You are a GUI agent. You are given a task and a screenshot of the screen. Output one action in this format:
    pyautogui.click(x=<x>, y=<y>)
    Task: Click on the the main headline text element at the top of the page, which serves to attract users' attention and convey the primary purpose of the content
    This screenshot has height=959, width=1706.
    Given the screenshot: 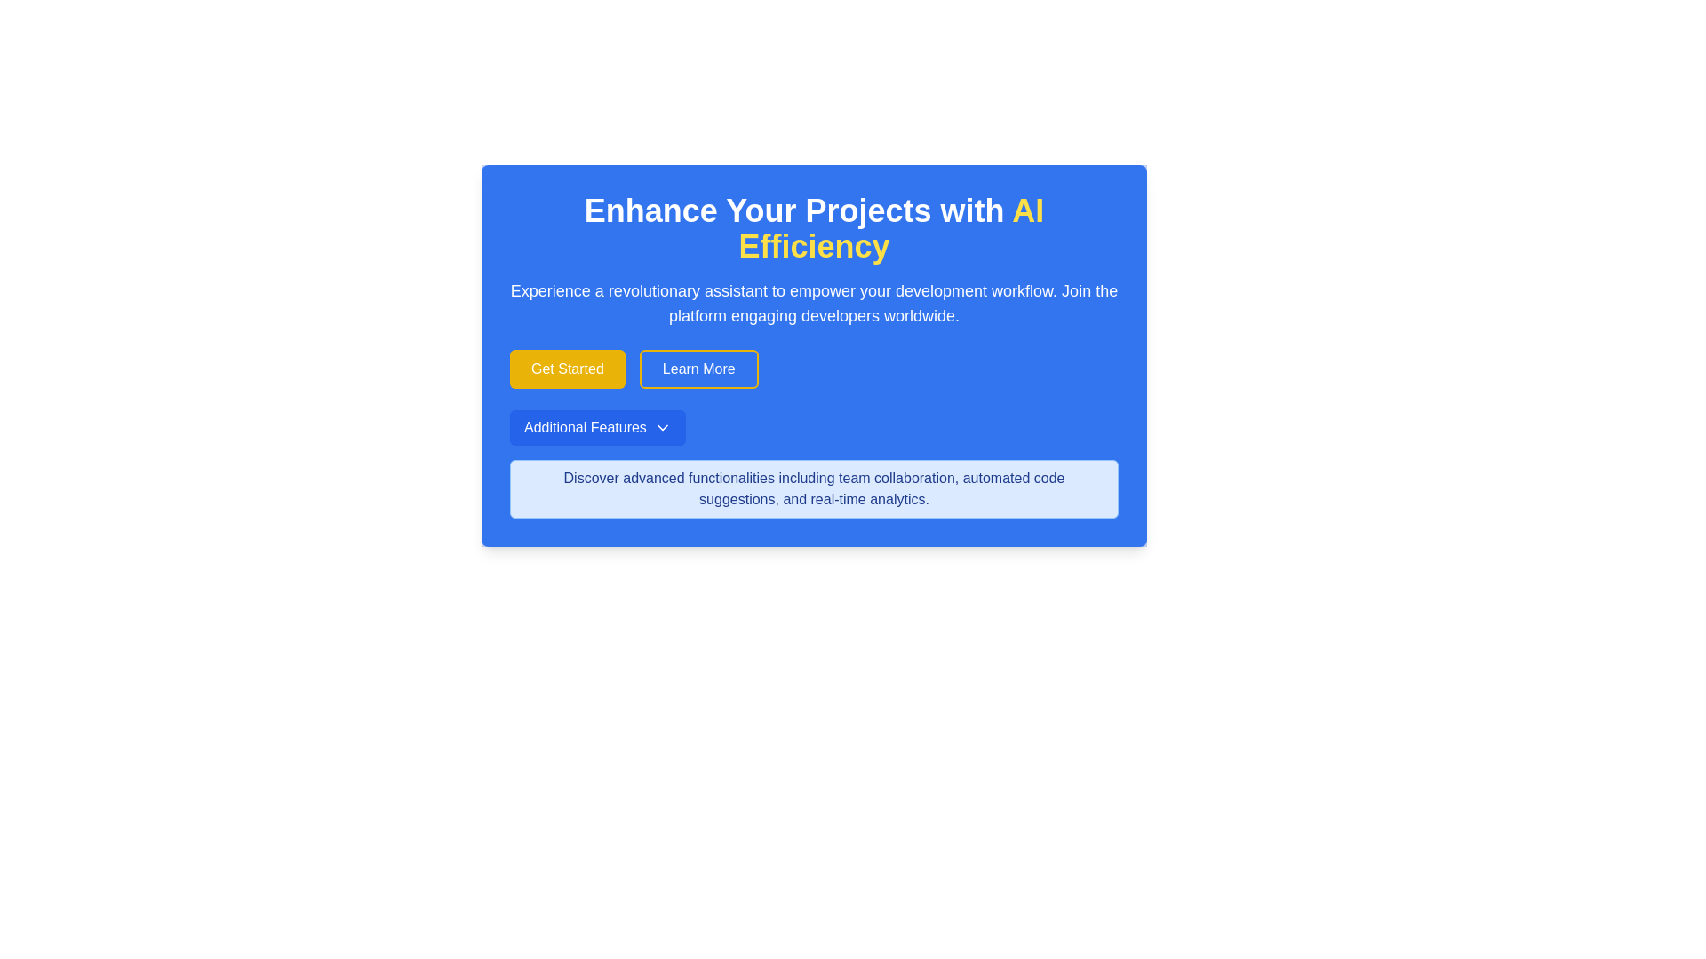 What is the action you would take?
    pyautogui.click(x=813, y=228)
    